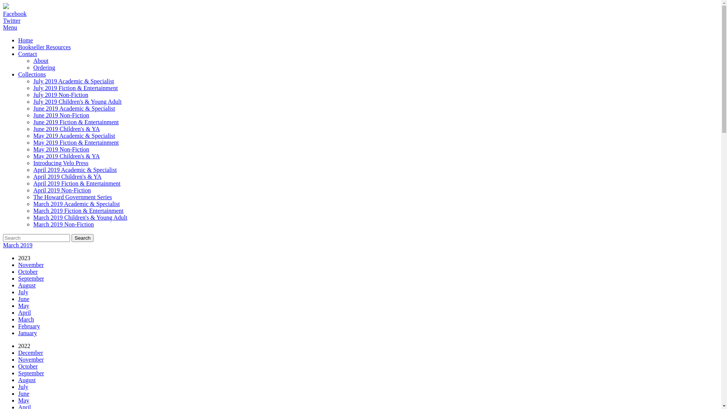 This screenshot has width=727, height=409. I want to click on 'January', so click(27, 333).